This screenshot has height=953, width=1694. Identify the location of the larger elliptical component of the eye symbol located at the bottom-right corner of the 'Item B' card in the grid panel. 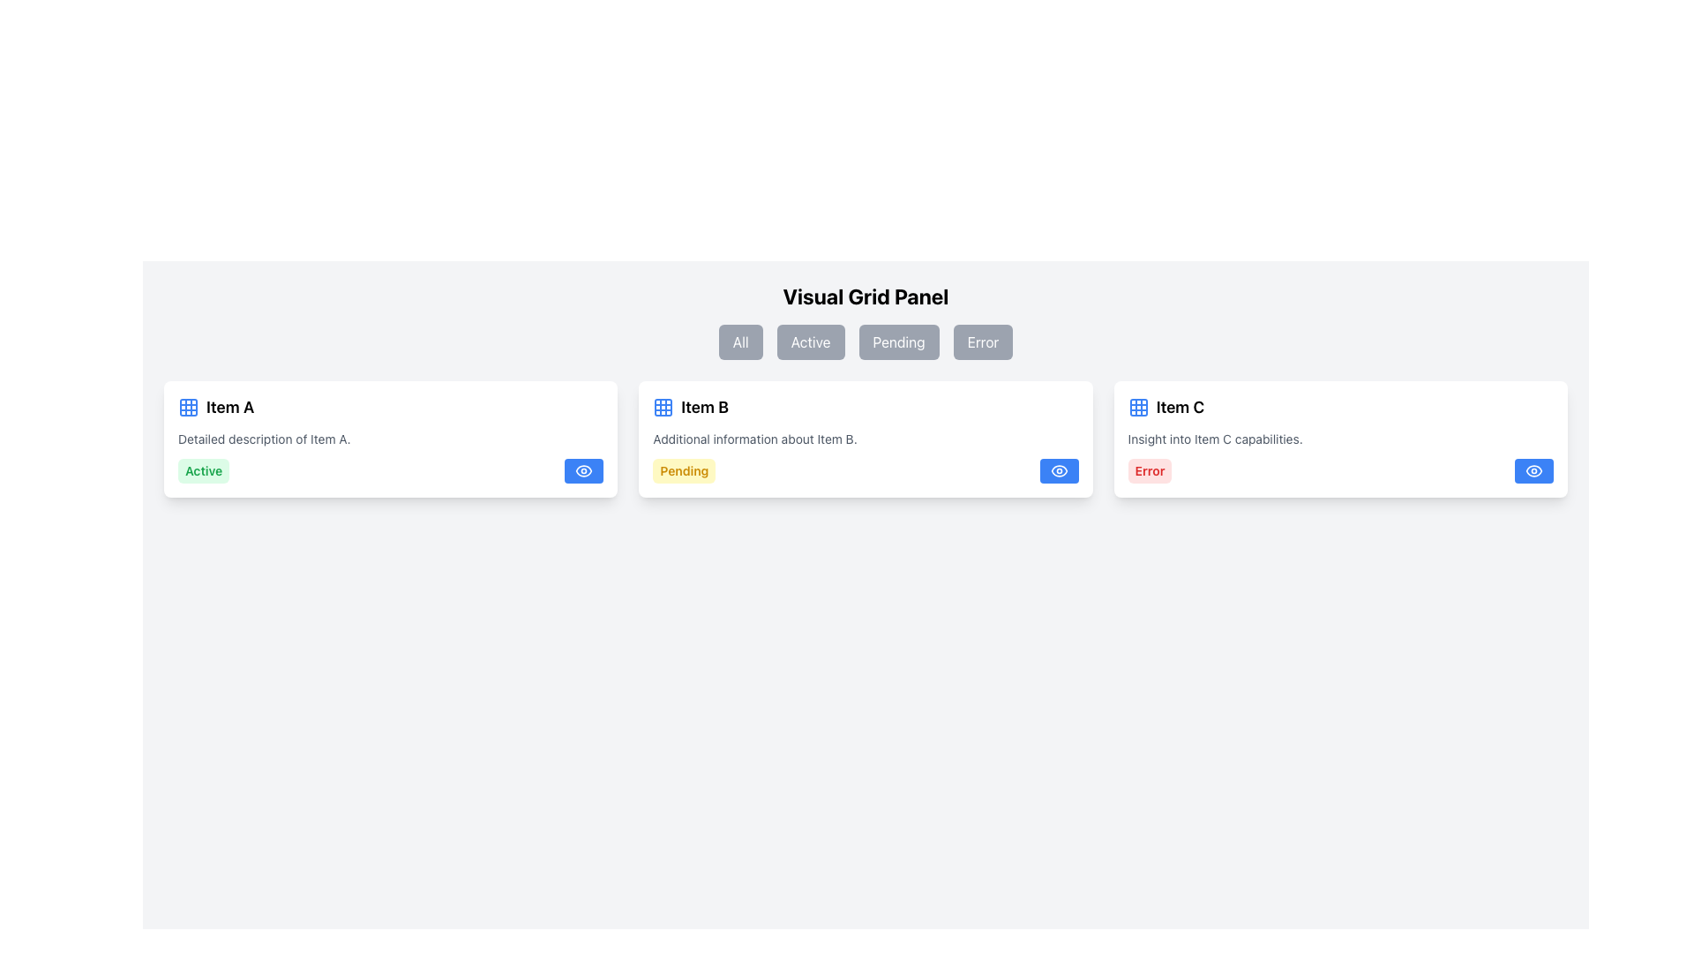
(584, 469).